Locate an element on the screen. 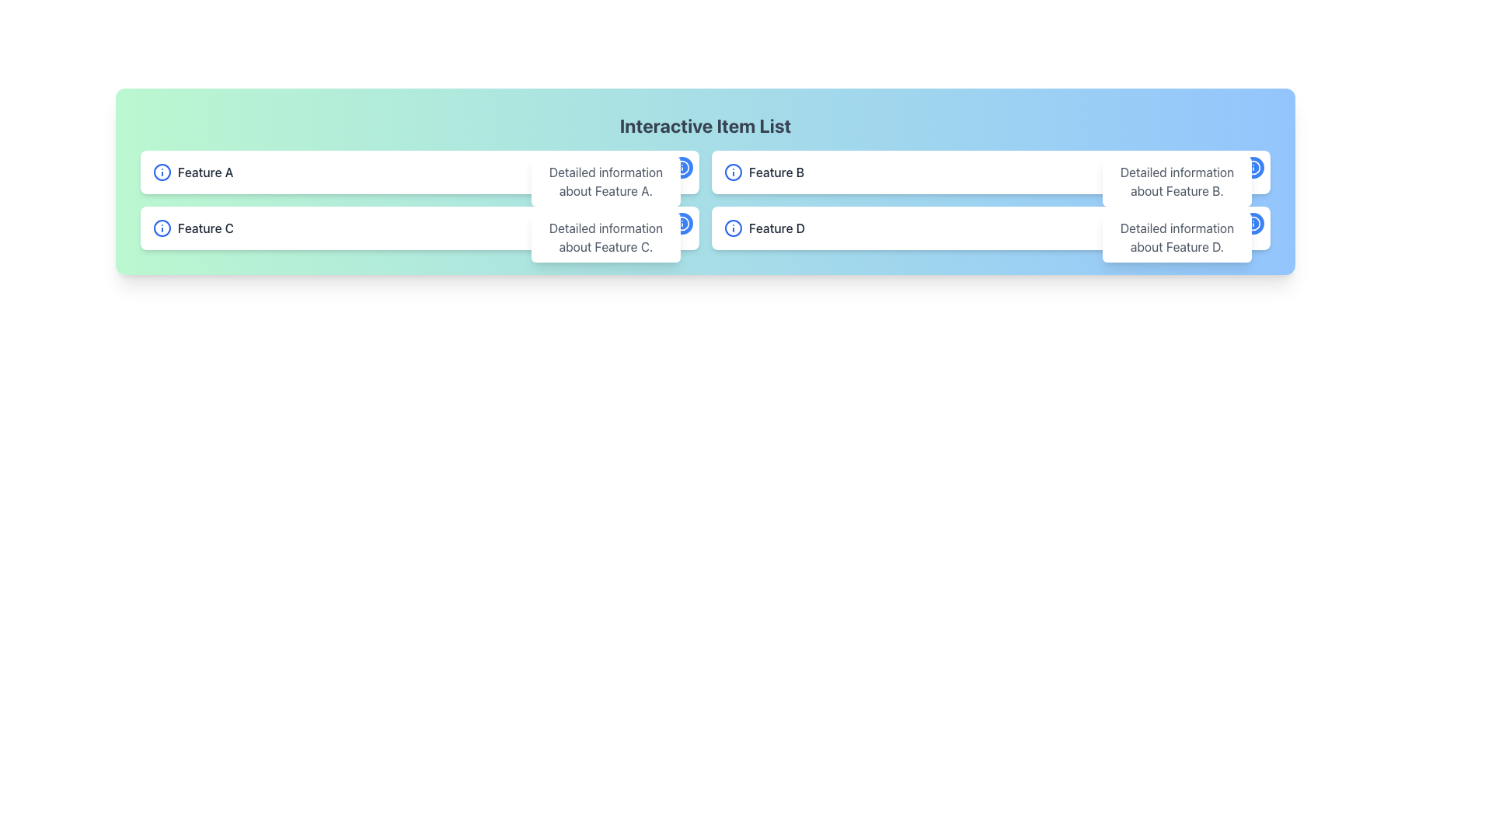 This screenshot has height=839, width=1492. the SVG graphical element (circle) that is part of the information symbol, located to the left of the textual label 'Feature C' is located at coordinates (162, 228).